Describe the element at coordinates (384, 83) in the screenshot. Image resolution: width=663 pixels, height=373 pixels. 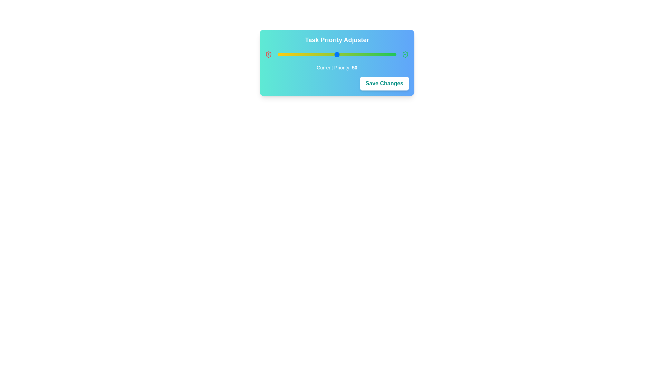
I see `the 'Save Changes' button` at that location.